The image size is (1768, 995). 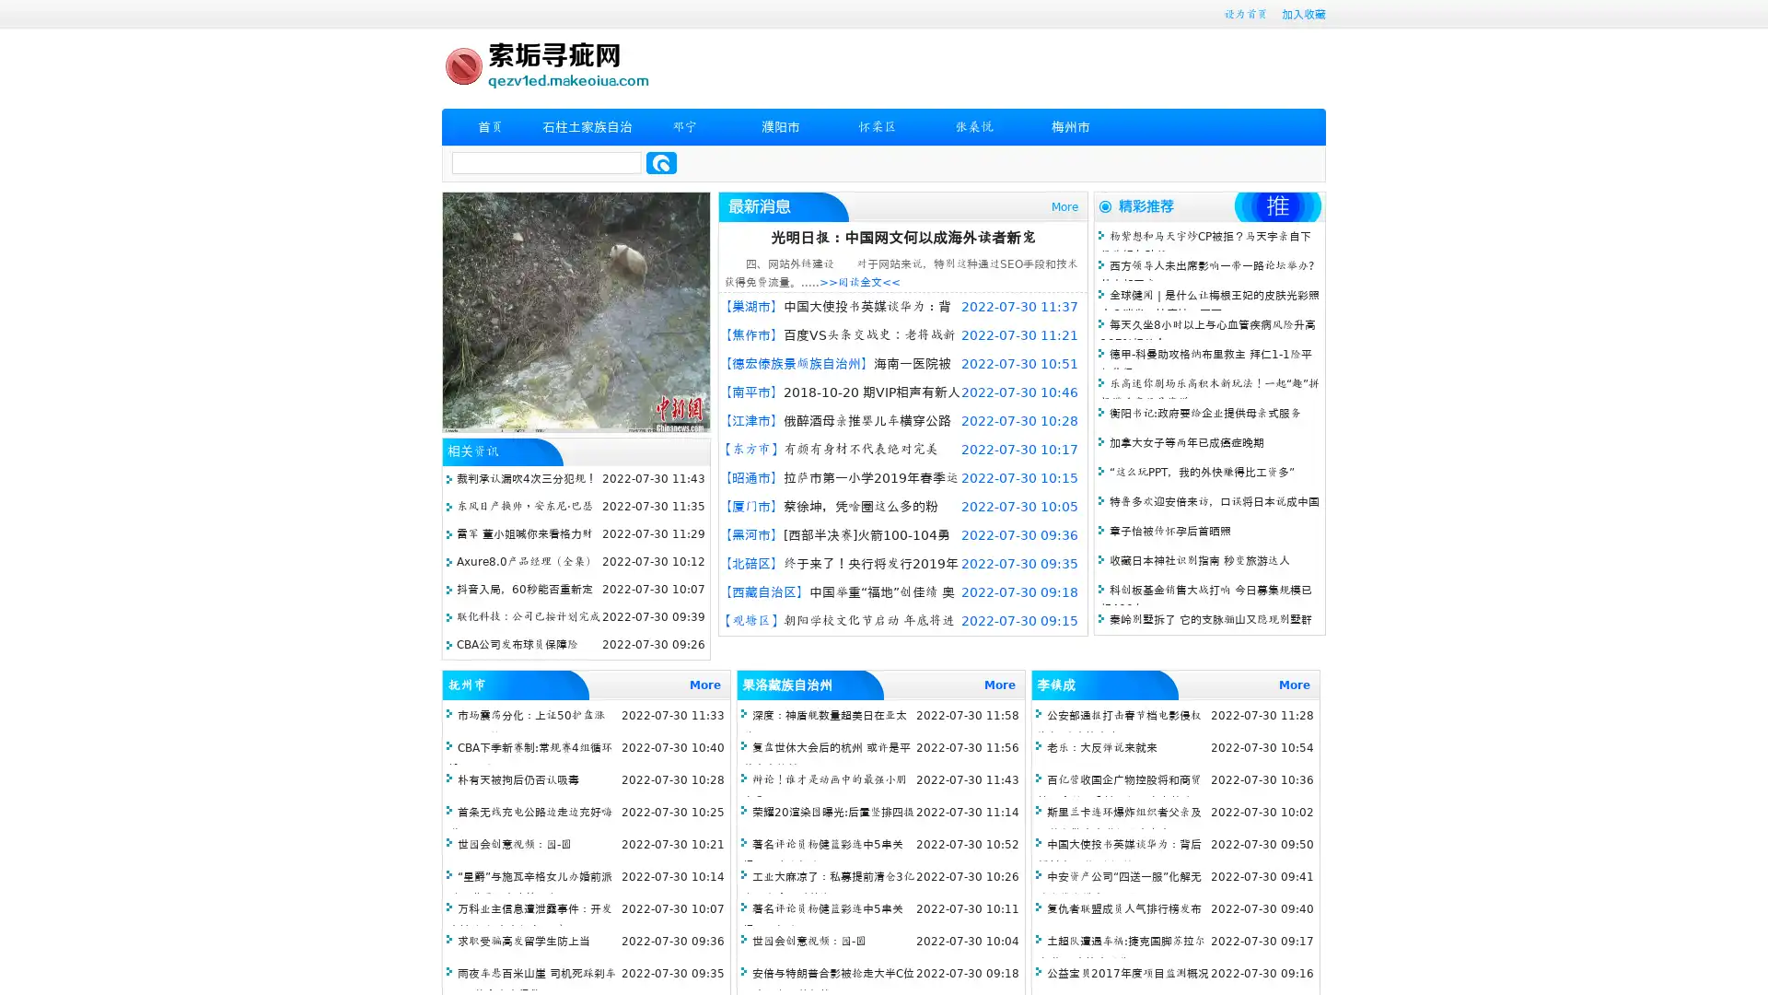 I want to click on Search, so click(x=661, y=162).